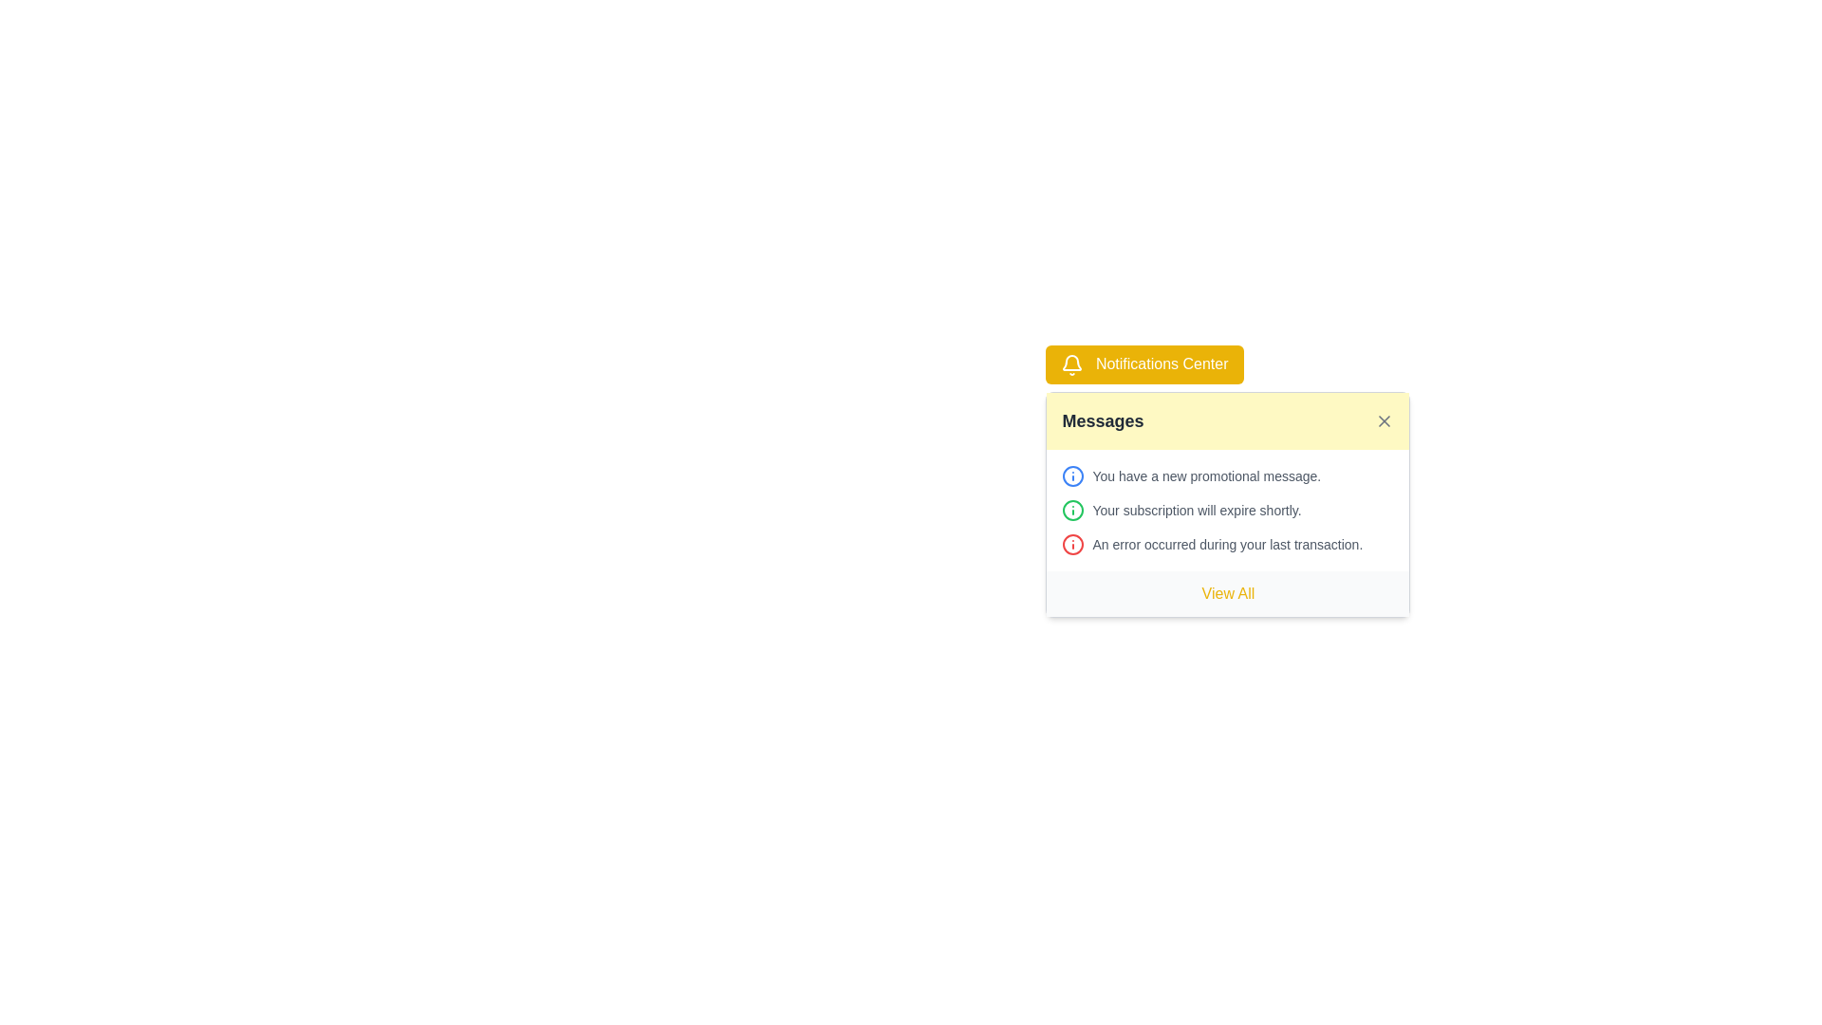 The height and width of the screenshot is (1025, 1822). I want to click on the 'View All' button, which is the only interactive text element at the bottom center of the notification card, so click(1228, 592).